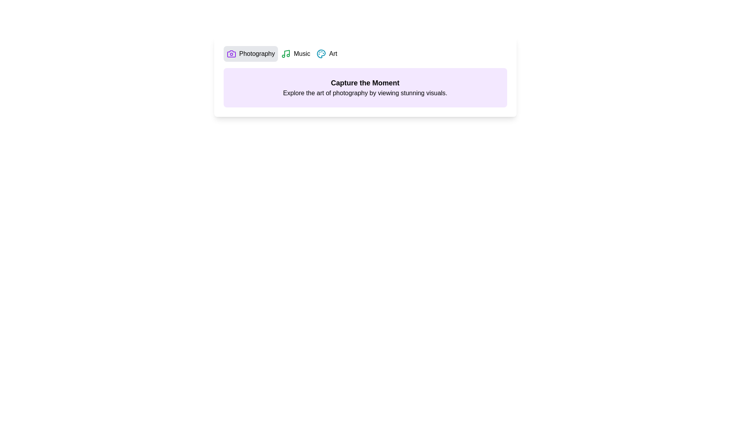 Image resolution: width=756 pixels, height=425 pixels. I want to click on the Art tab by clicking on the corresponding button, so click(327, 54).